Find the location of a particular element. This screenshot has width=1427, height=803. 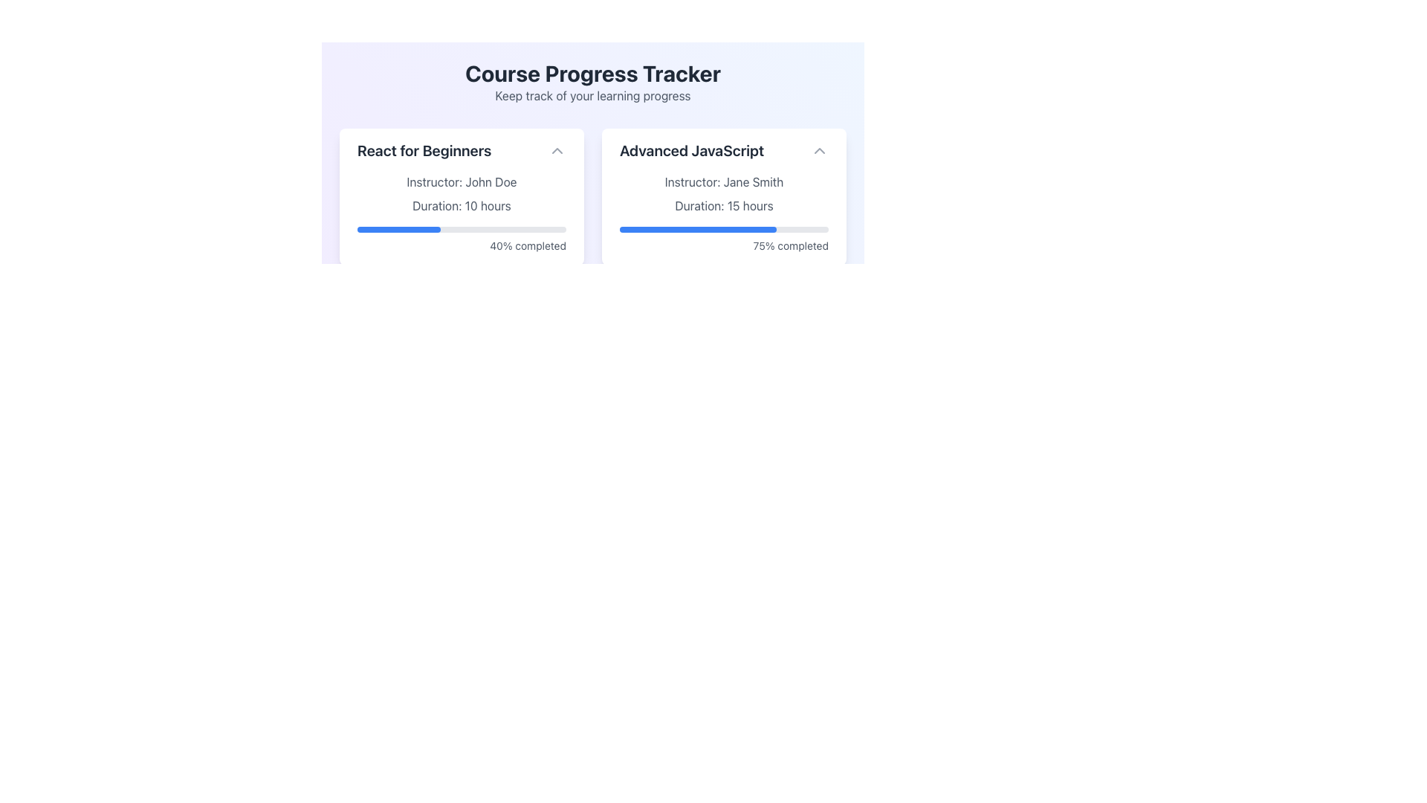

the progress visually indicated by the progress indicator located within the left card titled 'React for Beginners', which shows 40% completion of the course is located at coordinates (399, 229).